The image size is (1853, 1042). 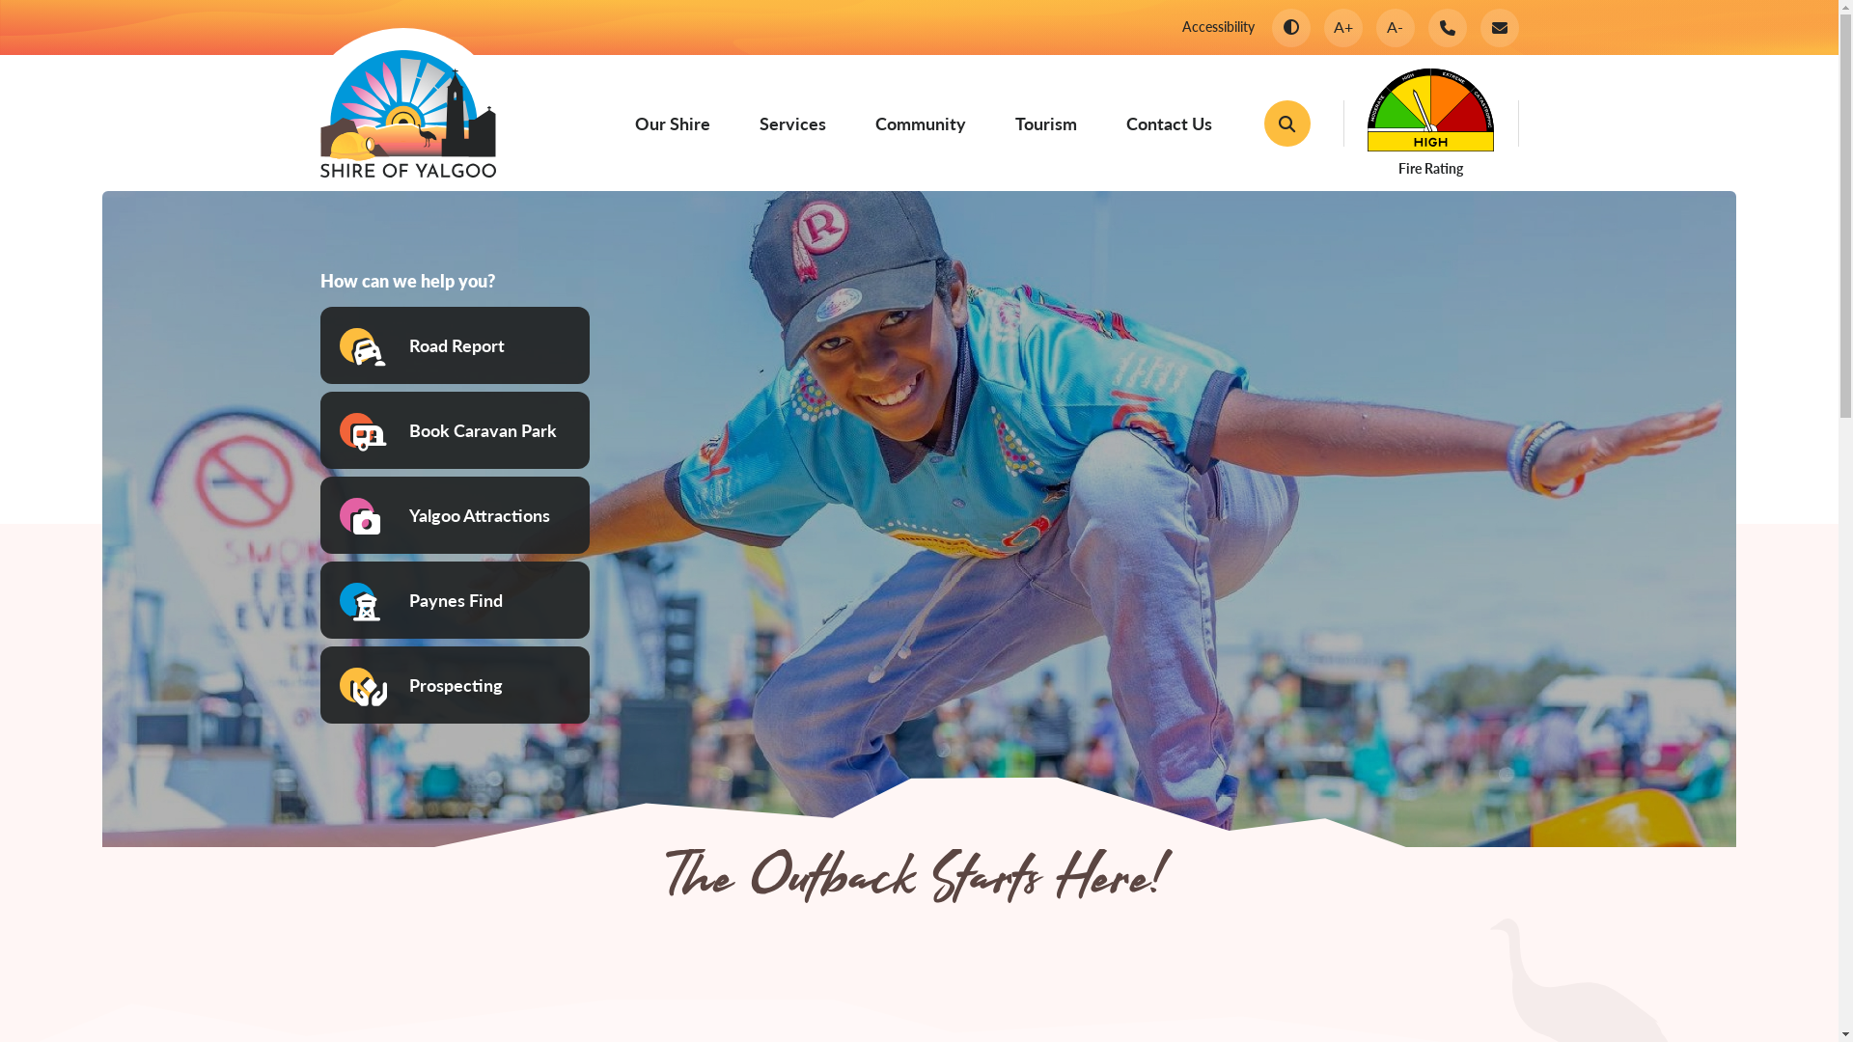 What do you see at coordinates (1499, 26) in the screenshot?
I see `'Email the Shire of Yalgoo'` at bounding box center [1499, 26].